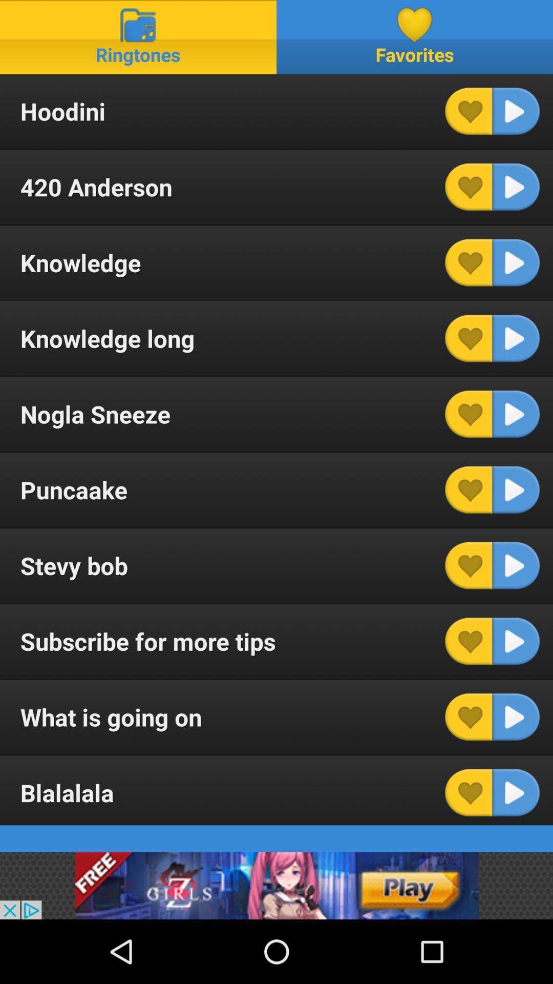 The image size is (553, 984). What do you see at coordinates (516, 792) in the screenshot?
I see `to play the blalala music` at bounding box center [516, 792].